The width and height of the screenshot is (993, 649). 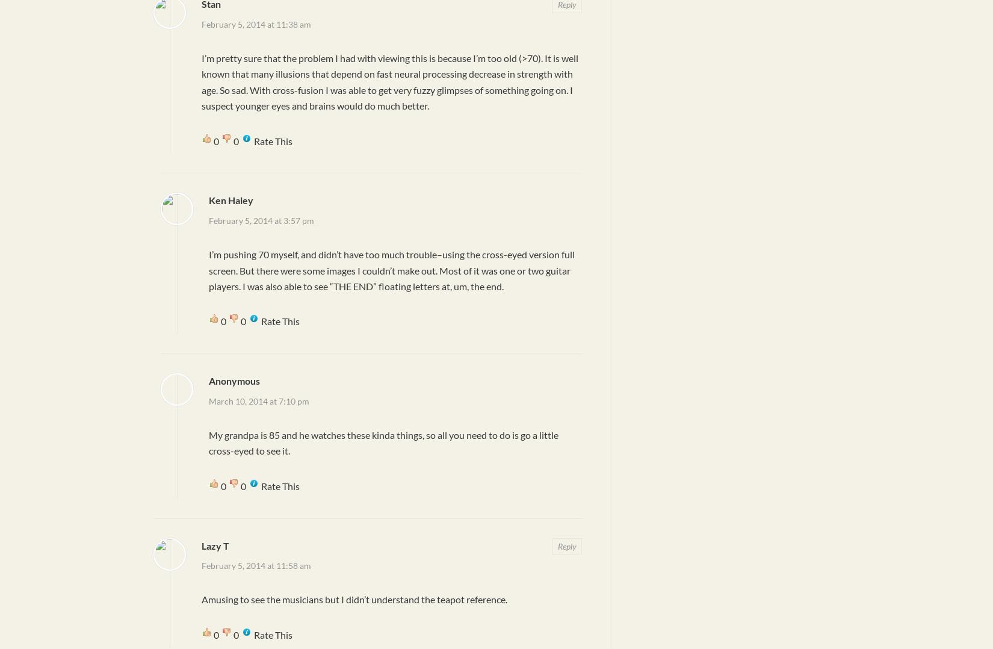 What do you see at coordinates (230, 199) in the screenshot?
I see `'Ken Haley'` at bounding box center [230, 199].